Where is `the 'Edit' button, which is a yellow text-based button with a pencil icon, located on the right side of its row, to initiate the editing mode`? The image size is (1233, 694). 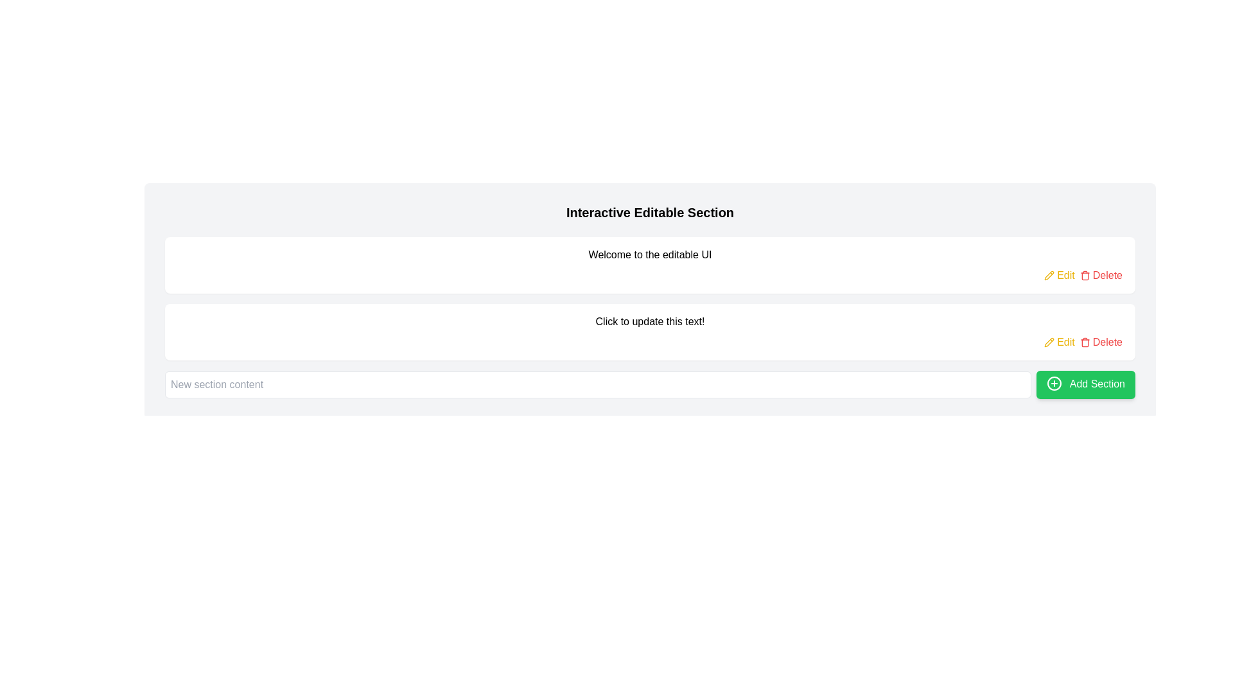 the 'Edit' button, which is a yellow text-based button with a pencil icon, located on the right side of its row, to initiate the editing mode is located at coordinates (1060, 341).